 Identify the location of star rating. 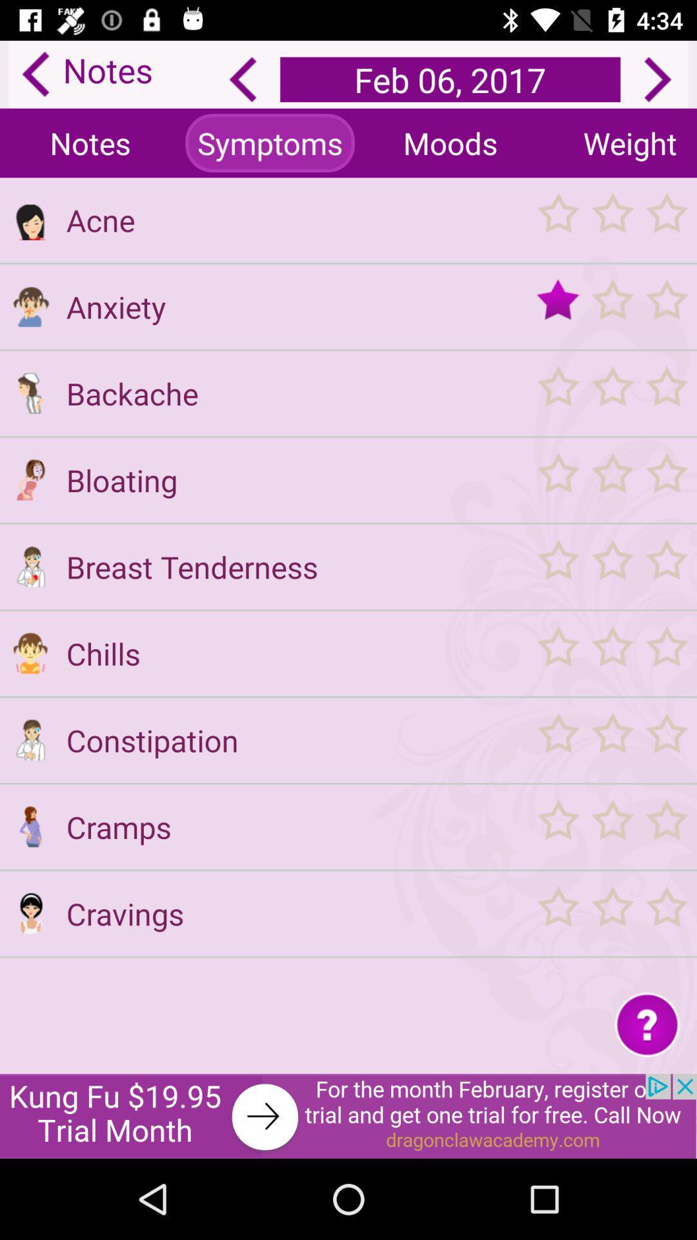
(611, 740).